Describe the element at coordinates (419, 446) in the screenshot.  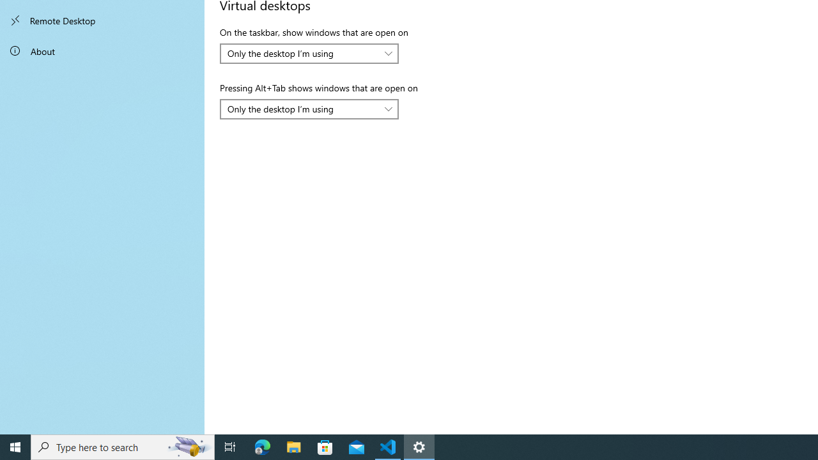
I see `'Settings - 1 running window'` at that location.